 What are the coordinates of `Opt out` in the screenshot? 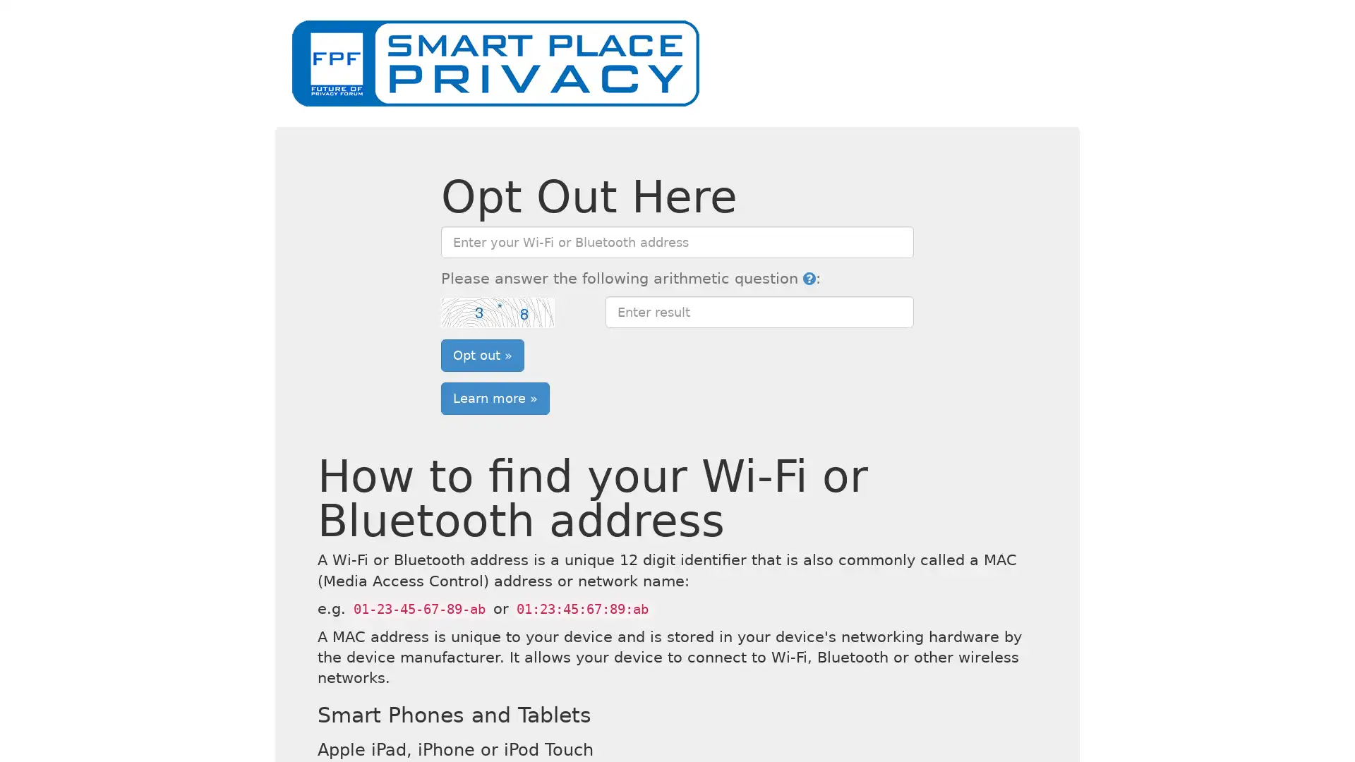 It's located at (482, 353).